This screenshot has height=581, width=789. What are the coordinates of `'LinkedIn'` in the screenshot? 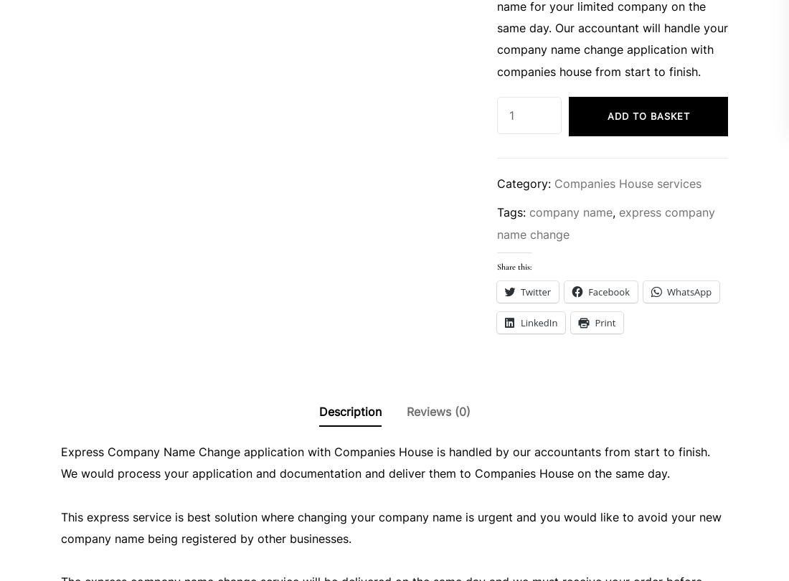 It's located at (538, 323).